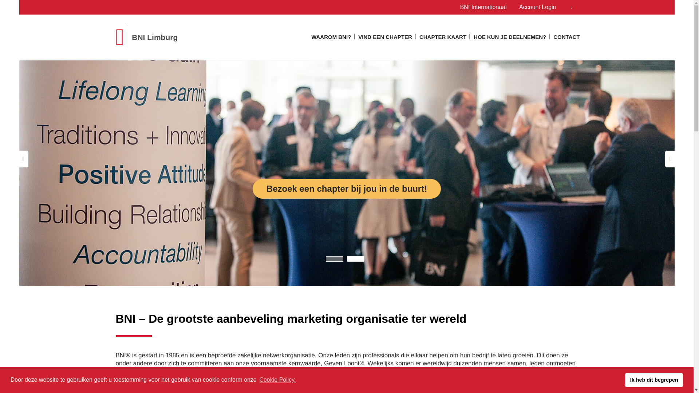 Image resolution: width=699 pixels, height=393 pixels. Describe the element at coordinates (346, 188) in the screenshot. I see `'Bezoek een chapter bij jou in de buurt!'` at that location.